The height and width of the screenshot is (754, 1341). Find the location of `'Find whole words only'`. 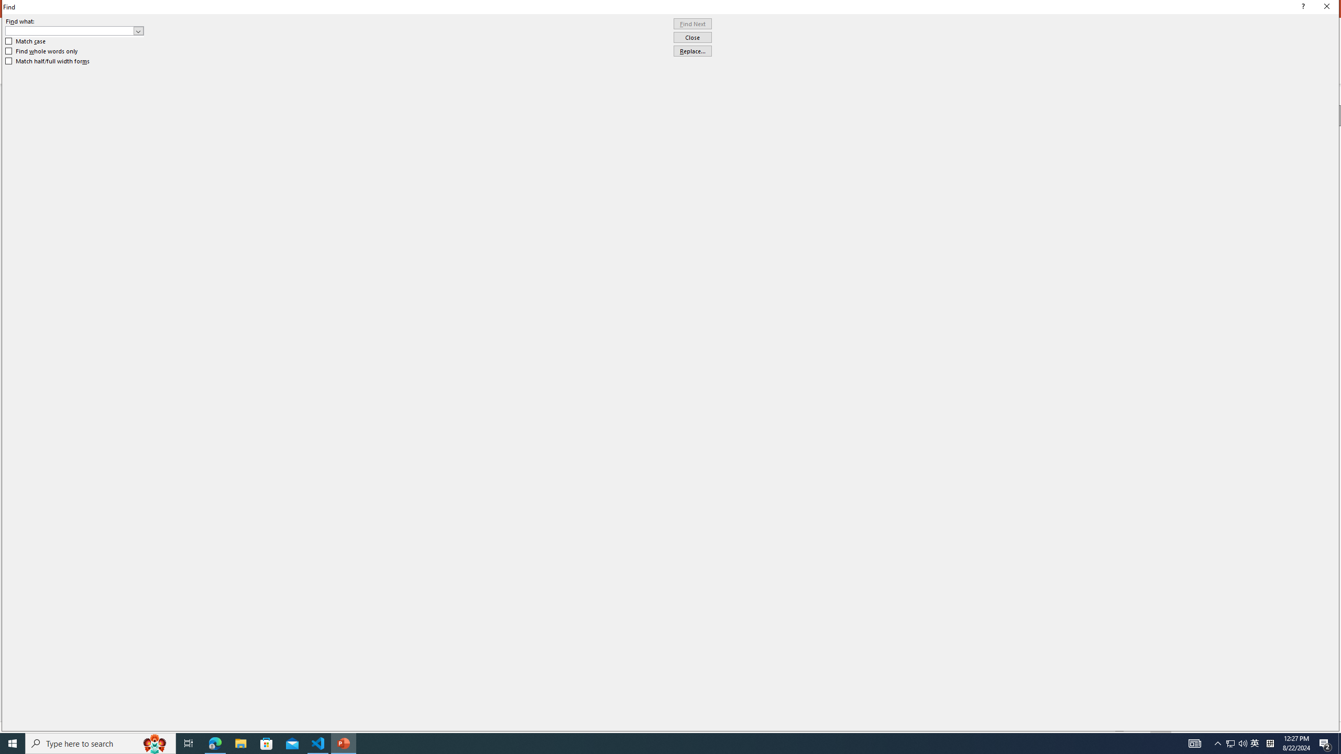

'Find whole words only' is located at coordinates (42, 50).